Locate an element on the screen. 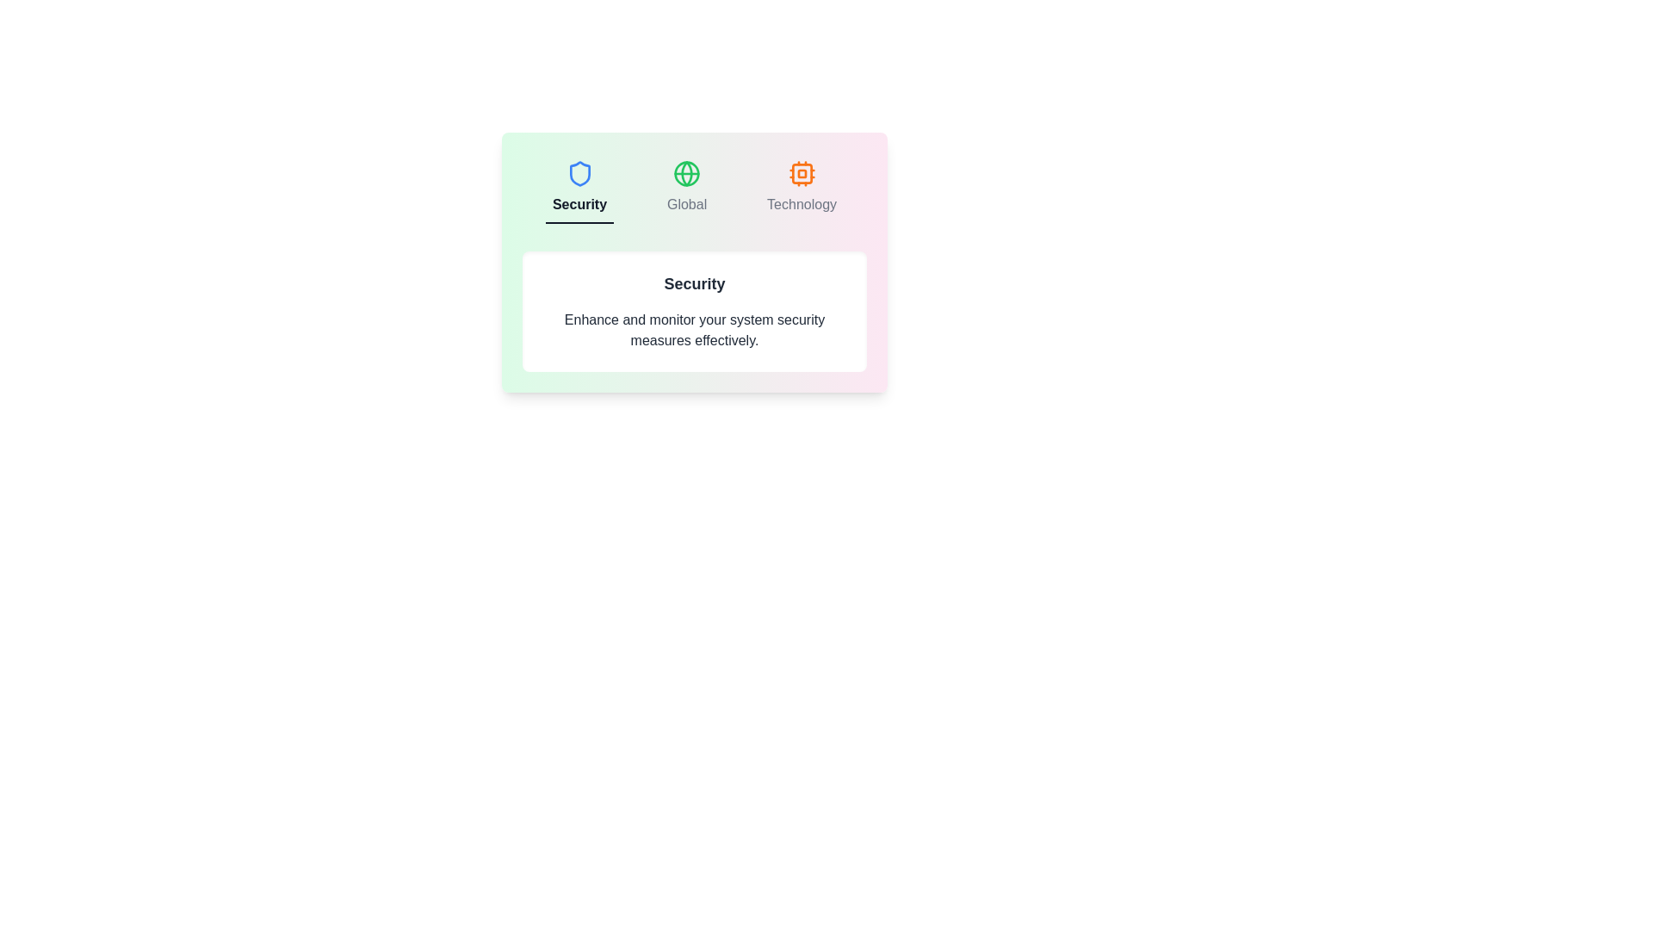  the tab labeled Technology to display its content is located at coordinates (801, 189).